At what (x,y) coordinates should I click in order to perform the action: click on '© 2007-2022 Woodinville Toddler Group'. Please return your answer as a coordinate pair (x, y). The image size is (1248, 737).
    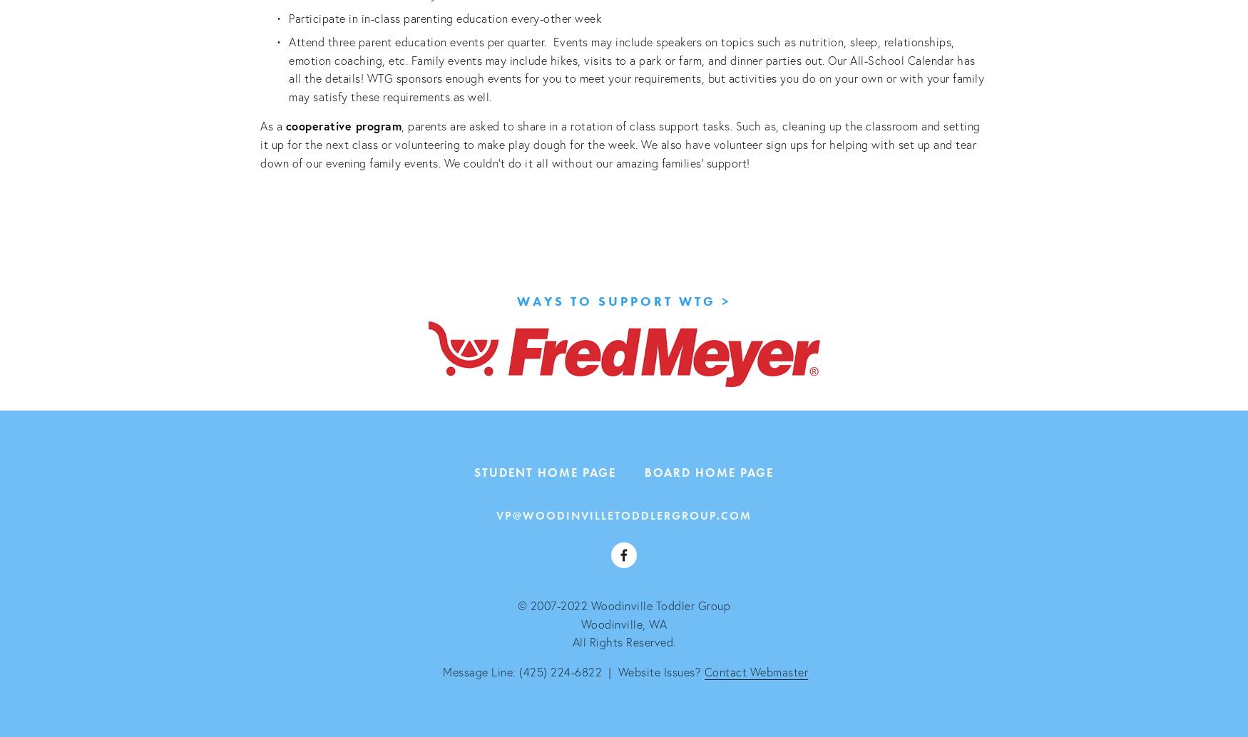
    Looking at the image, I should click on (623, 604).